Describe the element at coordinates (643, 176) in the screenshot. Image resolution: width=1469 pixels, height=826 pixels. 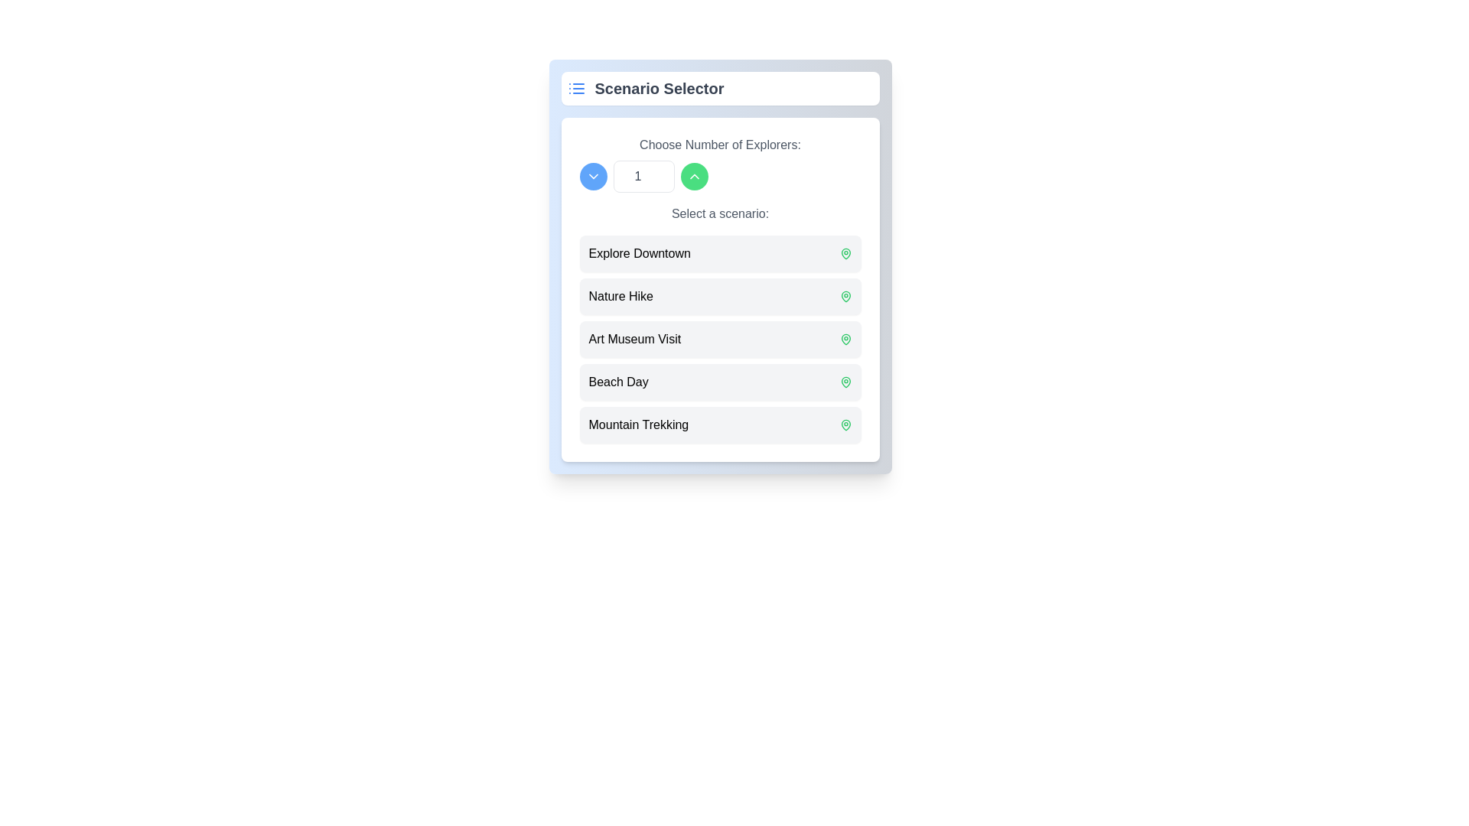
I see `the editable number input field, which is styled with a light gray background and positioned between a blue button on the left and a green button on the right` at that location.